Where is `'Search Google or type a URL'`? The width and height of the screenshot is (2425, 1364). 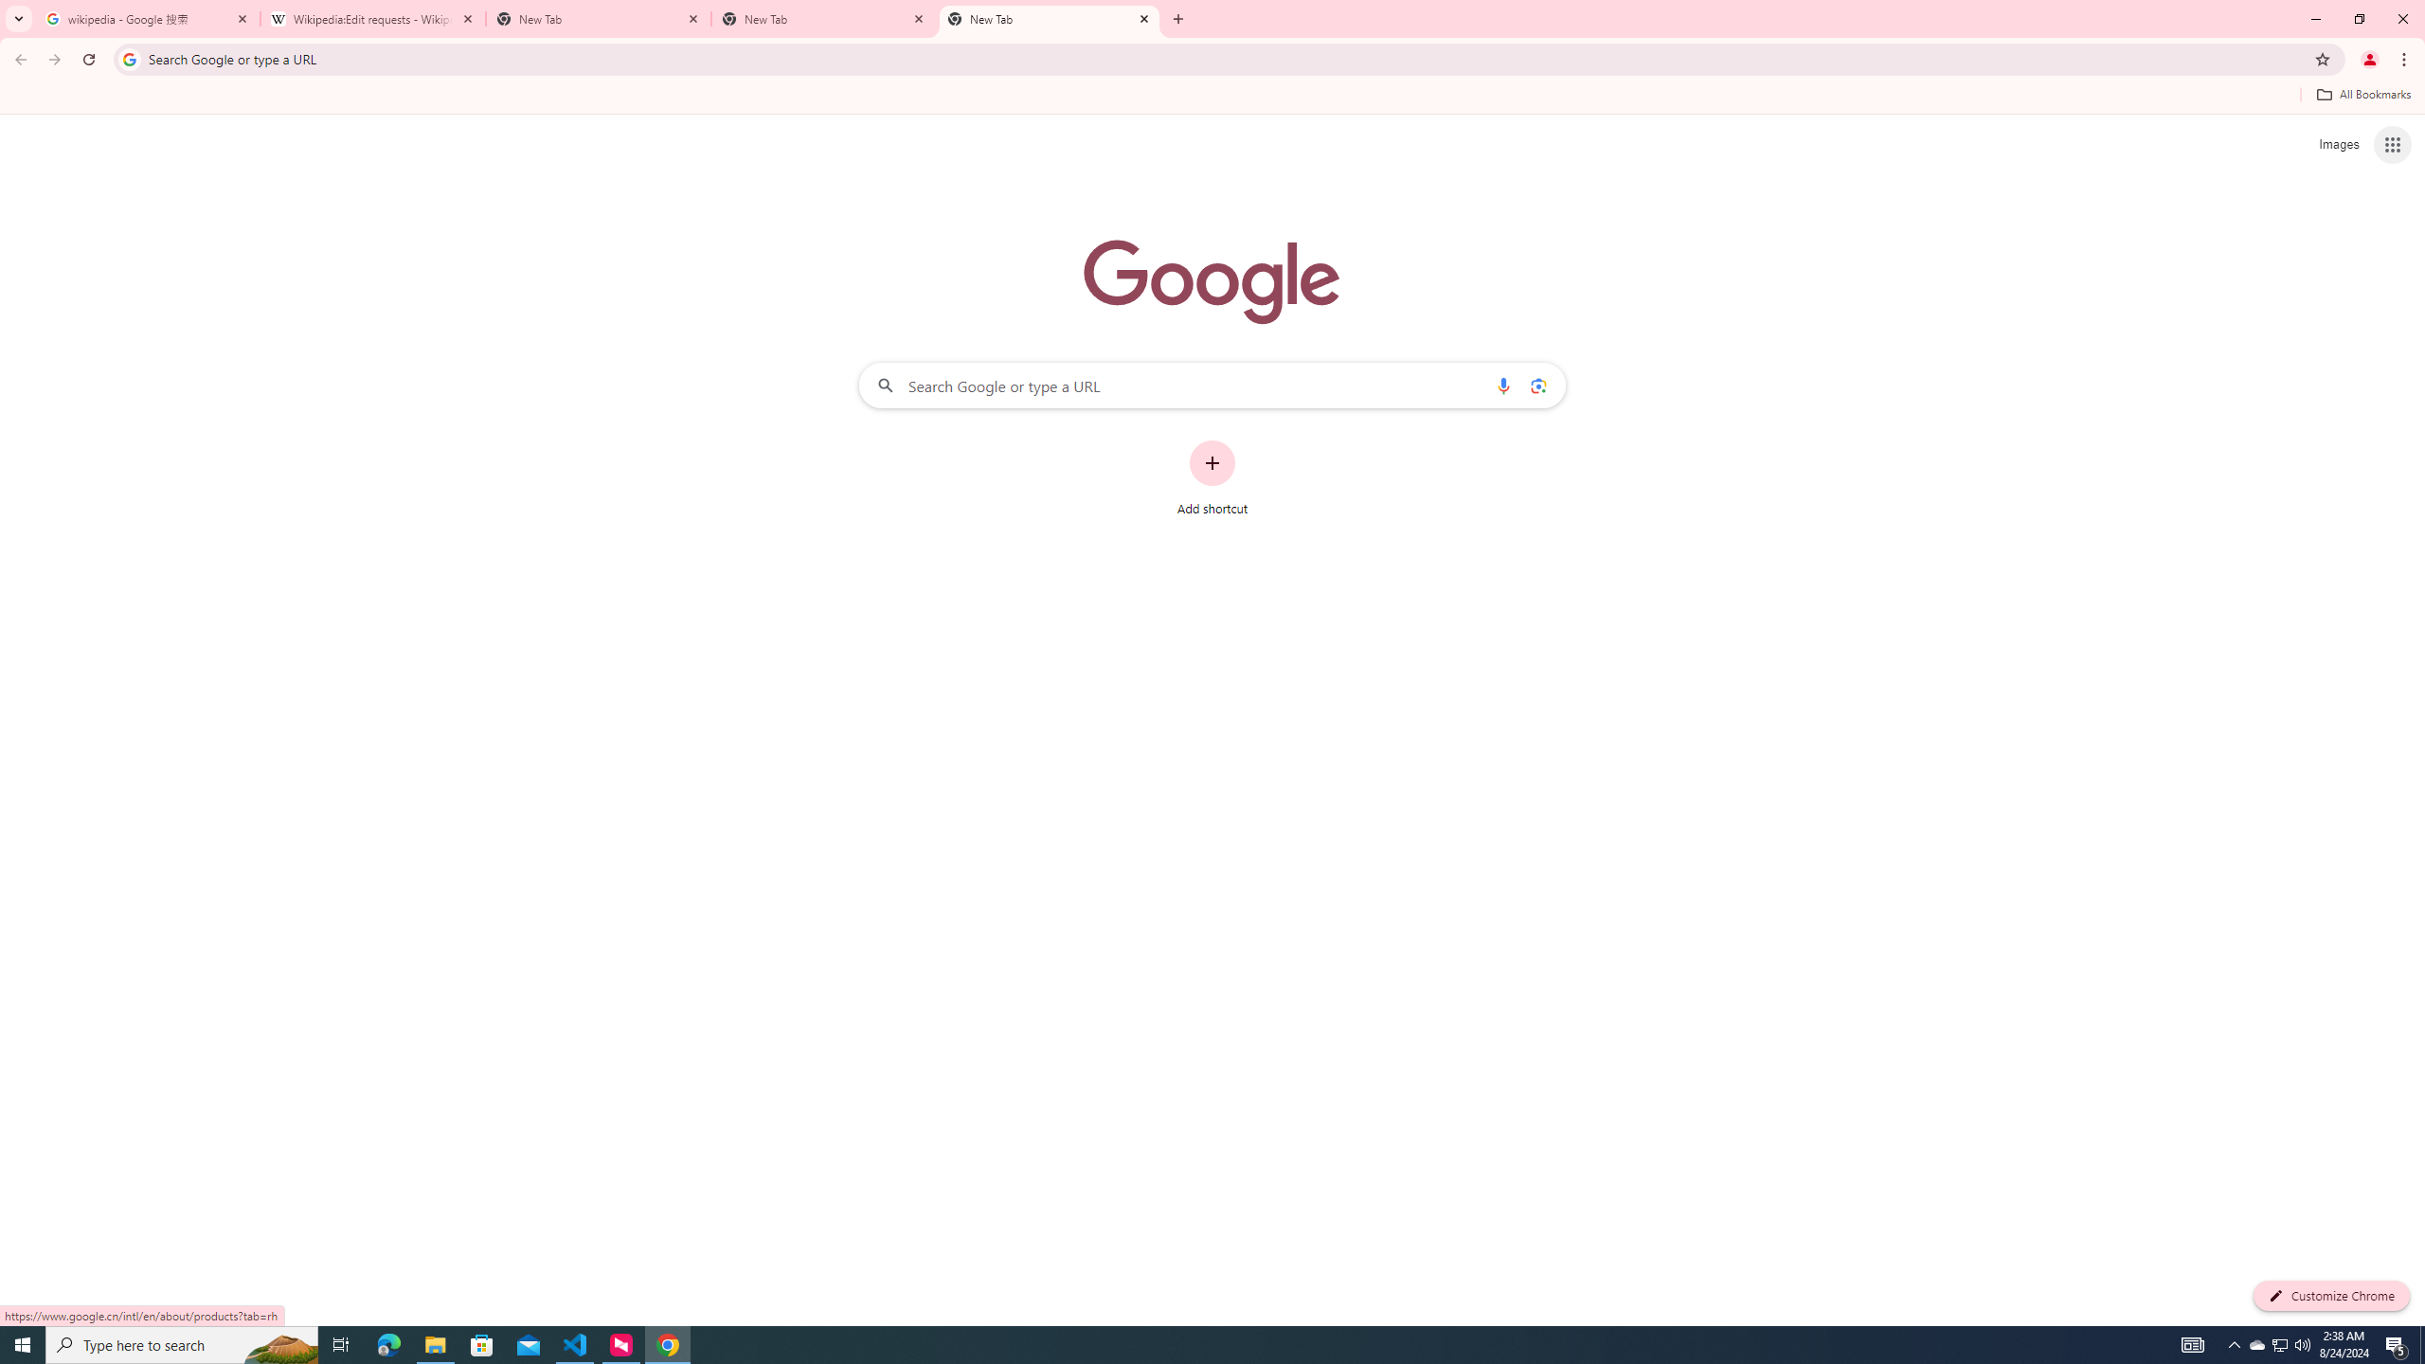 'Search Google or type a URL' is located at coordinates (1212, 384).